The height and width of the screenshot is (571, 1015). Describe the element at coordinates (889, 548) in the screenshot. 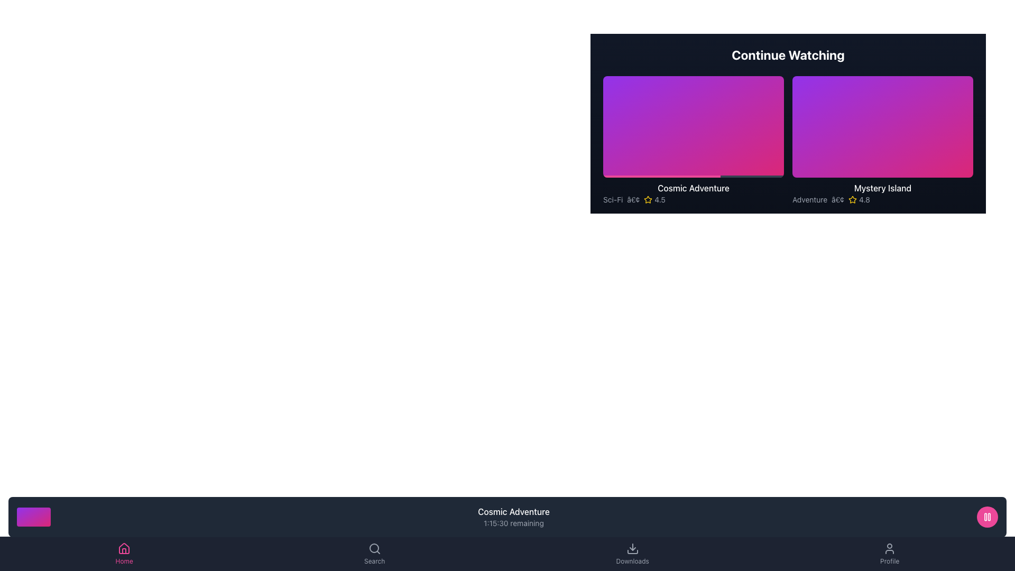

I see `the user profile icon located in the fifth position from the left in the bottom navigation bar` at that location.